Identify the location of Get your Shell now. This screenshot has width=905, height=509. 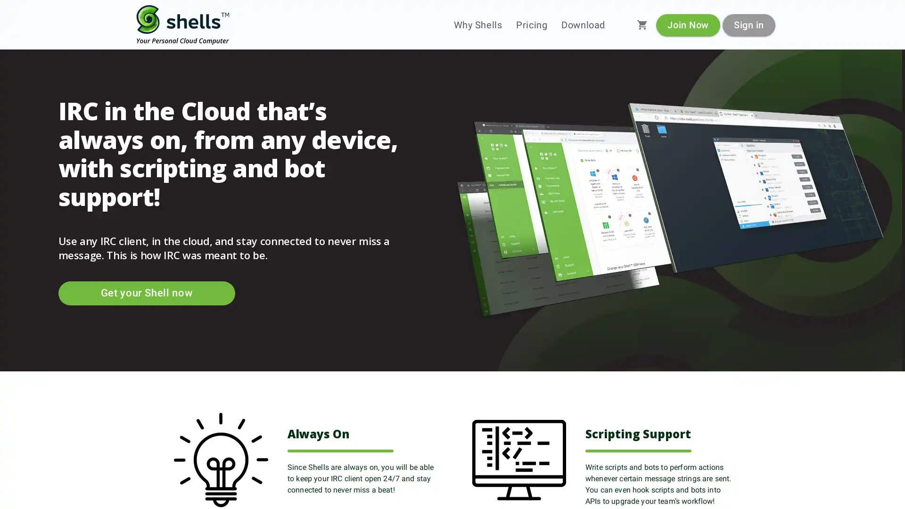
(146, 292).